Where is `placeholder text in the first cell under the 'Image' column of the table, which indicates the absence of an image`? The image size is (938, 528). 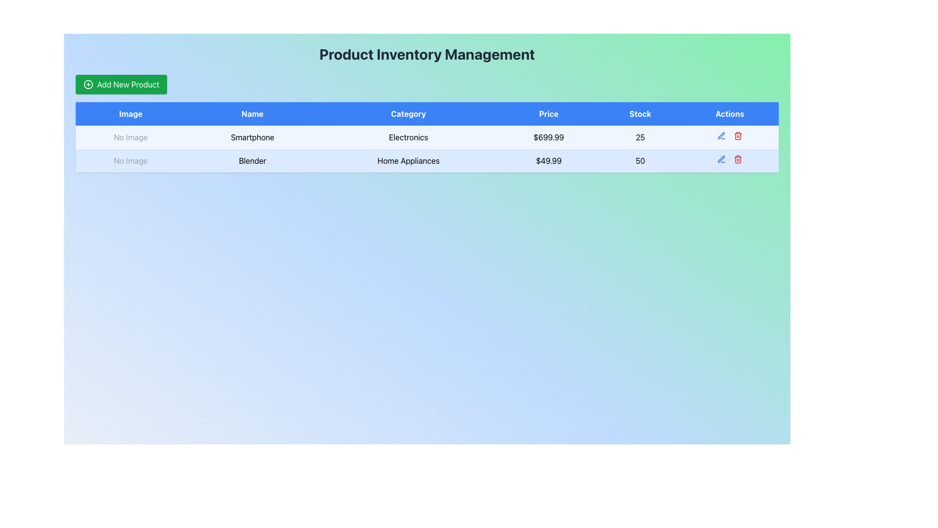 placeholder text in the first cell under the 'Image' column of the table, which indicates the absence of an image is located at coordinates (130, 137).